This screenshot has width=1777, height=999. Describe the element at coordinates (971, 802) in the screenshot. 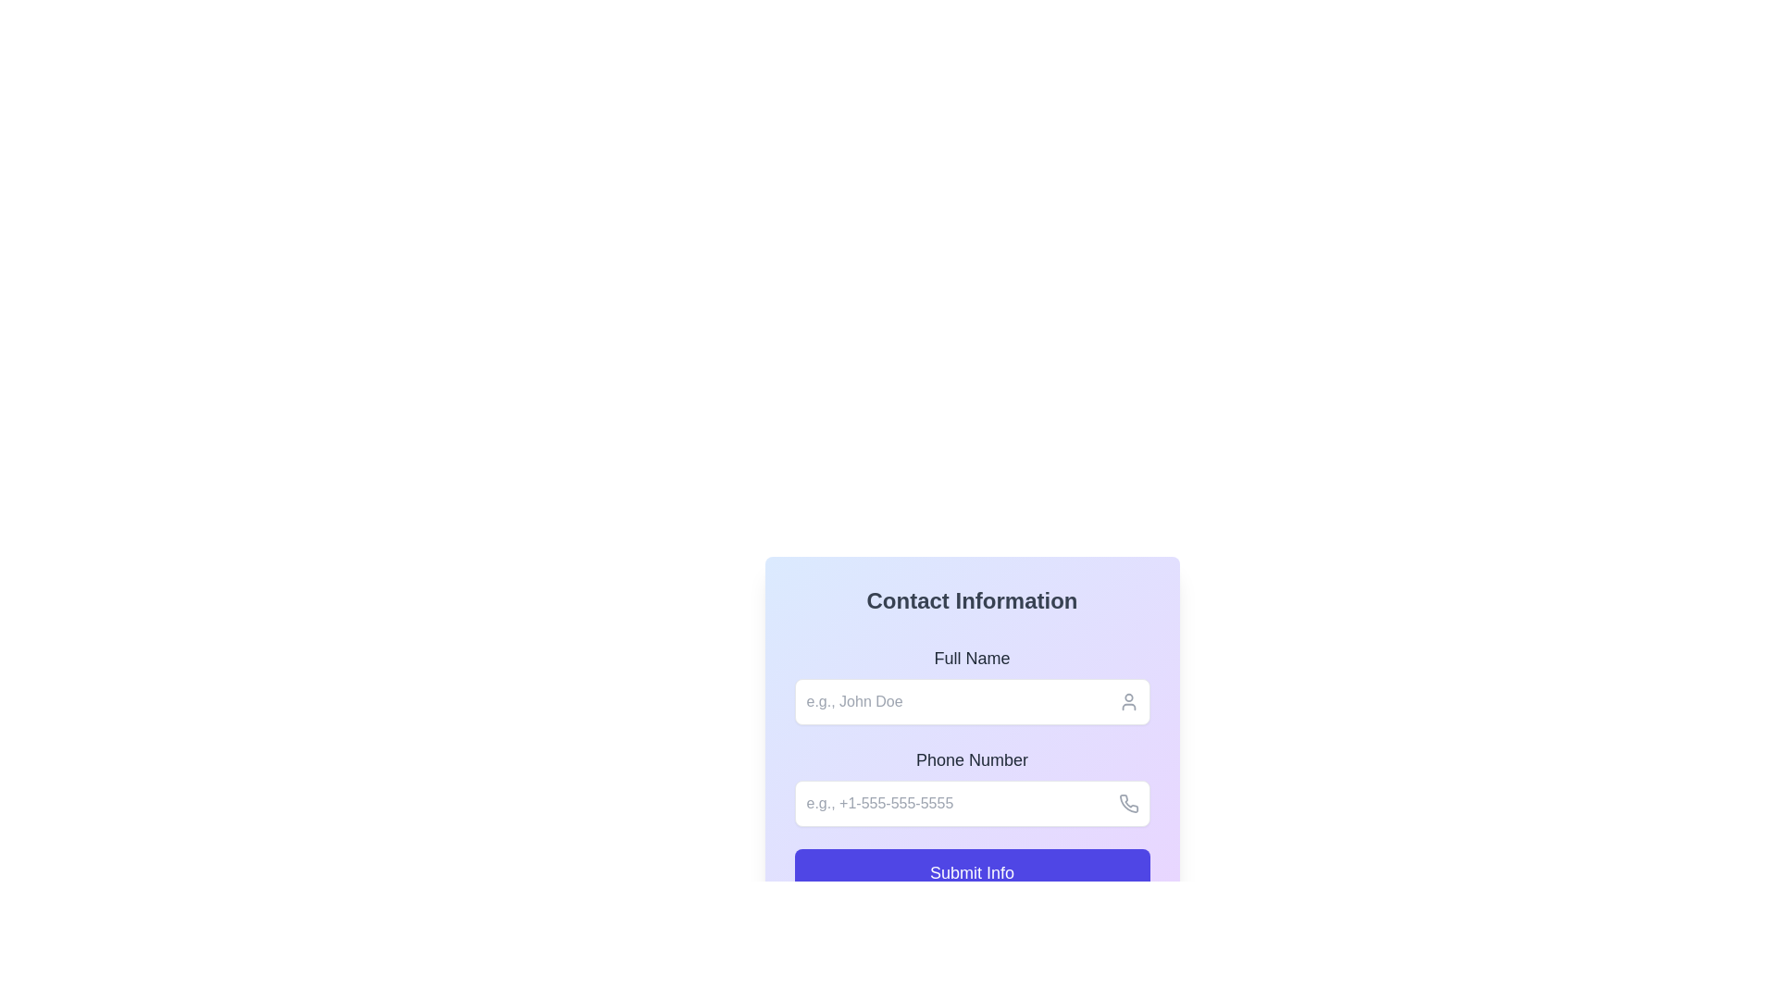

I see `and clear the content of the text input field located below the 'Phone Number' label by clicking in the field and deleting the text` at that location.